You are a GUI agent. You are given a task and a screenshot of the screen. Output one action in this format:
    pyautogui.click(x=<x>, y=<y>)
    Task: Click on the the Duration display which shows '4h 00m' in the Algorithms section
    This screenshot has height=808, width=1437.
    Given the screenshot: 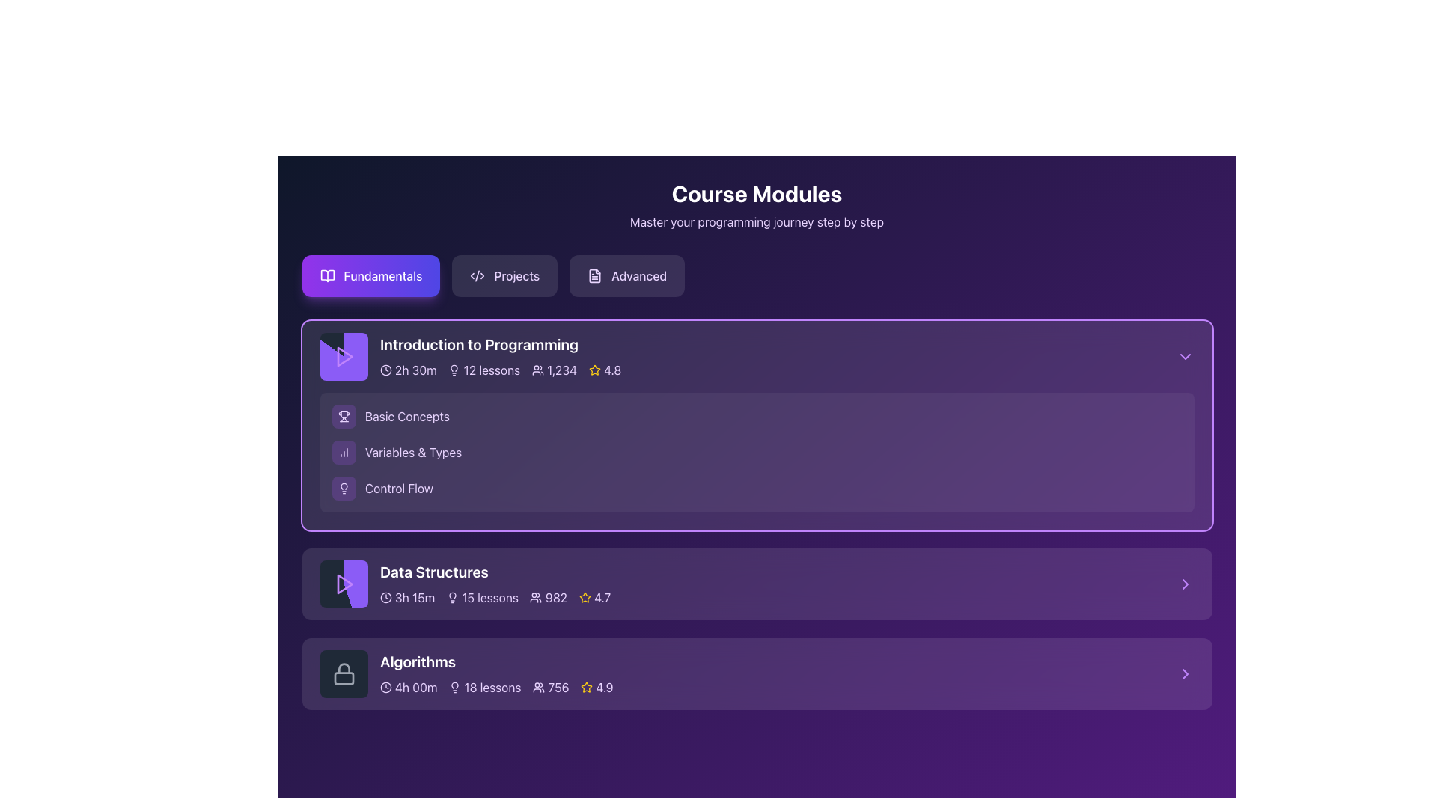 What is the action you would take?
    pyautogui.click(x=408, y=687)
    